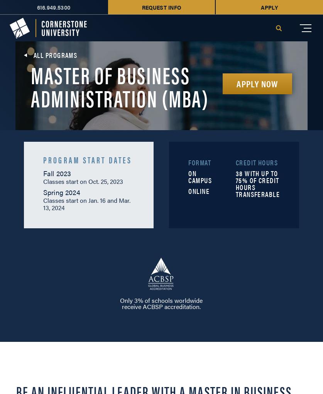  What do you see at coordinates (55, 55) in the screenshot?
I see `'All Programs'` at bounding box center [55, 55].